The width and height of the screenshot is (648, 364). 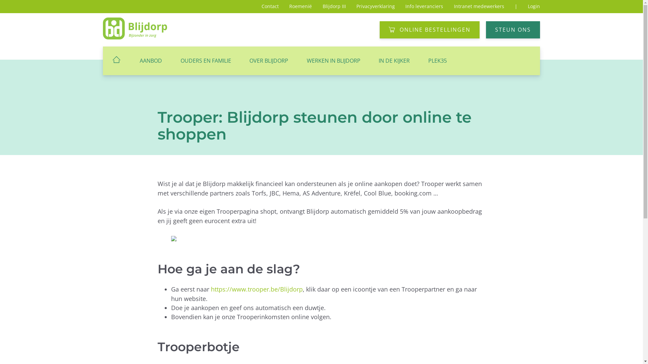 What do you see at coordinates (333, 61) in the screenshot?
I see `'WERKEN IN BLIJDORP'` at bounding box center [333, 61].